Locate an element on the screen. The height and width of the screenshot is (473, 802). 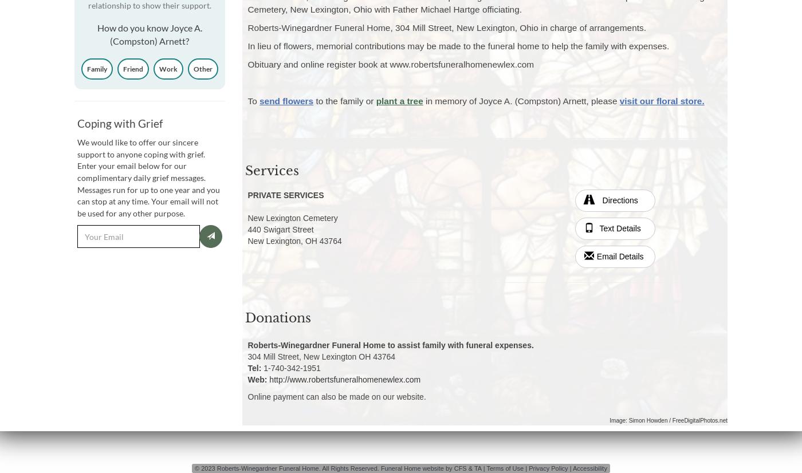
'Friend' is located at coordinates (132, 68).